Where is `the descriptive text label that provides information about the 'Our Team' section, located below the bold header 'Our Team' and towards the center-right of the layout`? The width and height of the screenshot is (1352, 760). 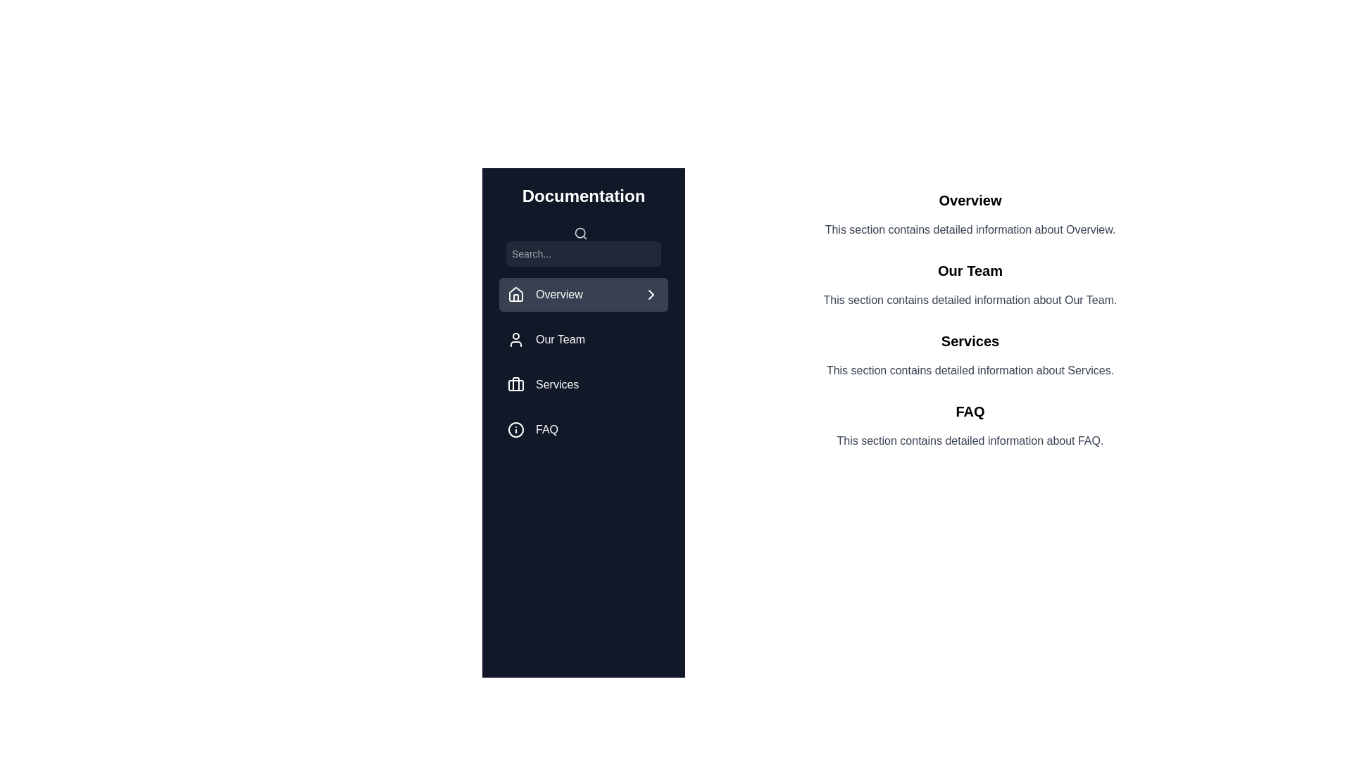 the descriptive text label that provides information about the 'Our Team' section, located below the bold header 'Our Team' and towards the center-right of the layout is located at coordinates (969, 300).